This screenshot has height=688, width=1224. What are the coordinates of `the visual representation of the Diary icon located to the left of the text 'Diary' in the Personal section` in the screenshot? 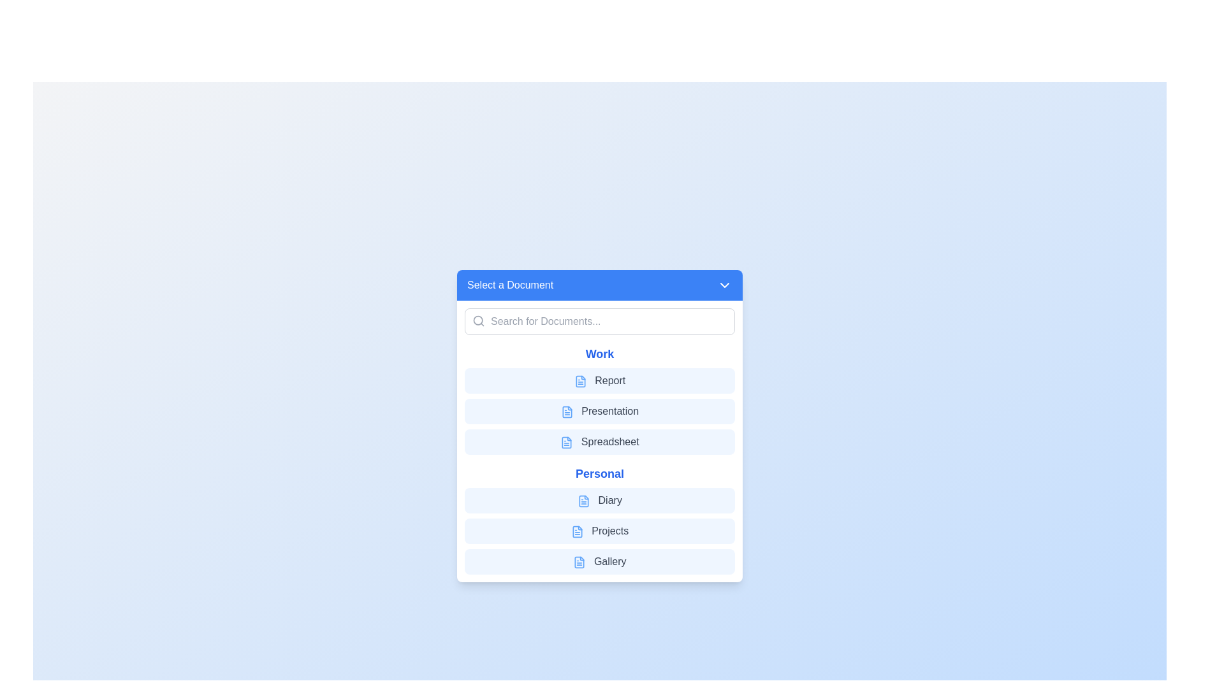 It's located at (583, 500).